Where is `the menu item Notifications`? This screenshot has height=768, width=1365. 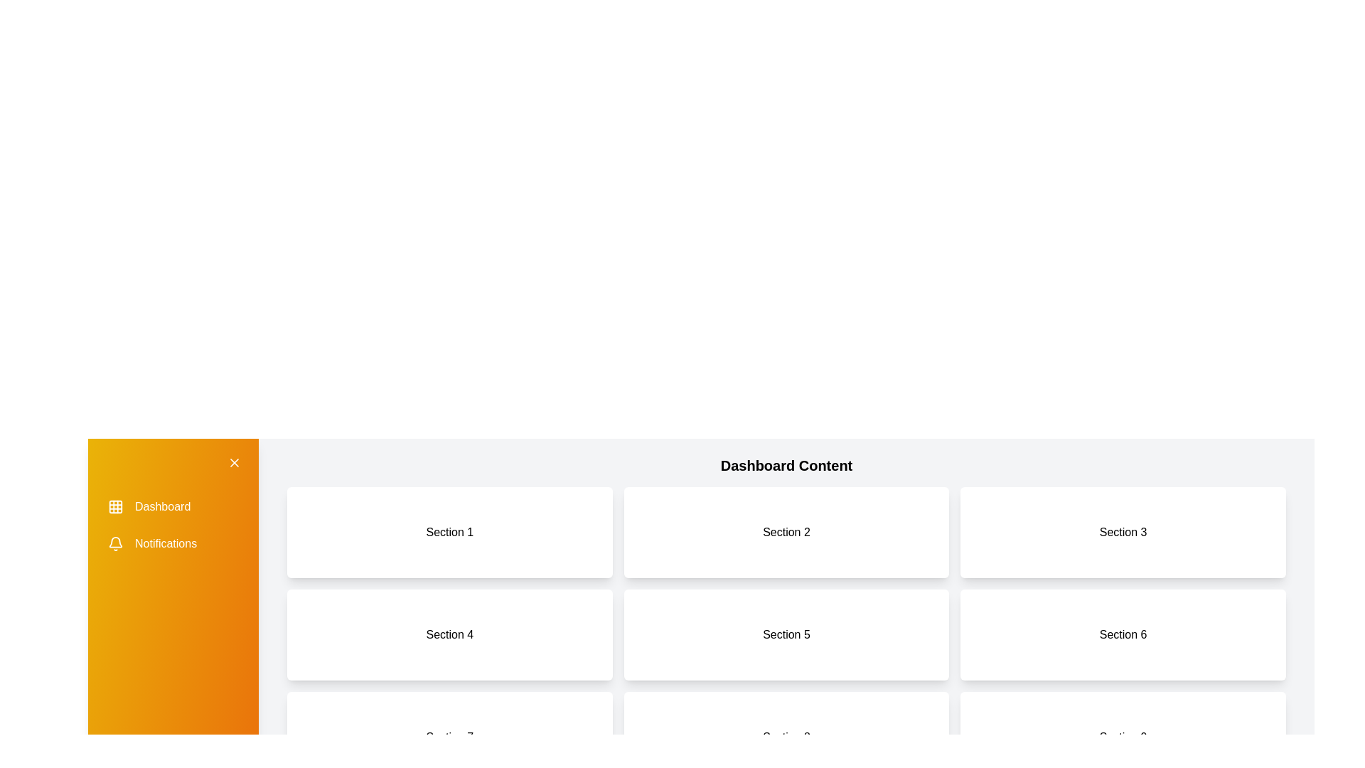
the menu item Notifications is located at coordinates (173, 543).